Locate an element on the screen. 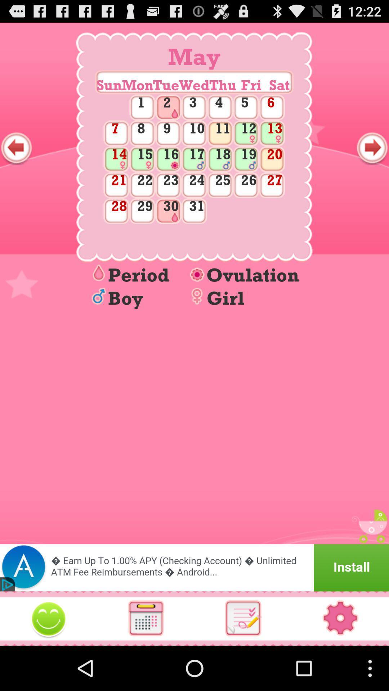 The image size is (389, 691). settings is located at coordinates (340, 618).